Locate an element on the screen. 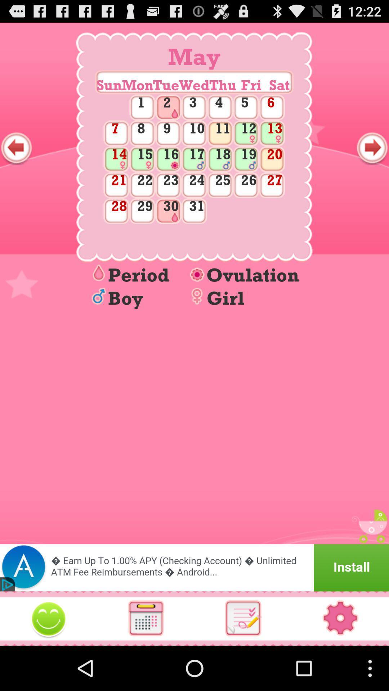 The image size is (389, 691). settings is located at coordinates (340, 618).